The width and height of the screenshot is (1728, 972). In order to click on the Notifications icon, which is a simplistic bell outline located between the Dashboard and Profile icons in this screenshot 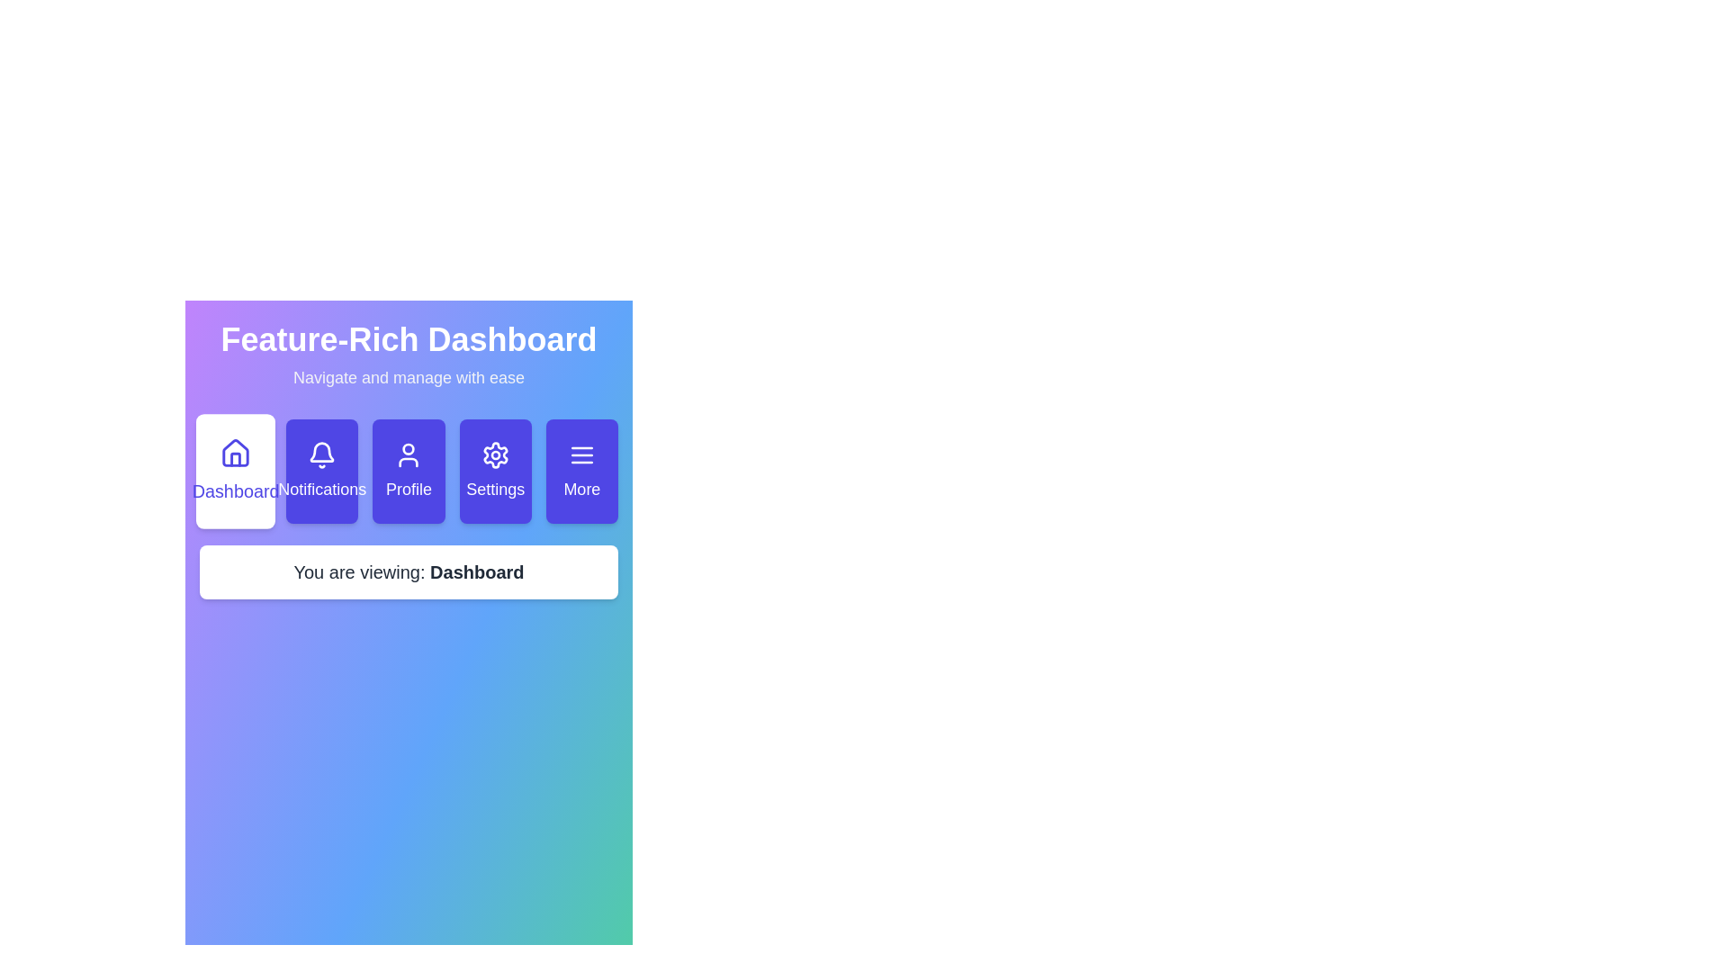, I will do `click(322, 451)`.